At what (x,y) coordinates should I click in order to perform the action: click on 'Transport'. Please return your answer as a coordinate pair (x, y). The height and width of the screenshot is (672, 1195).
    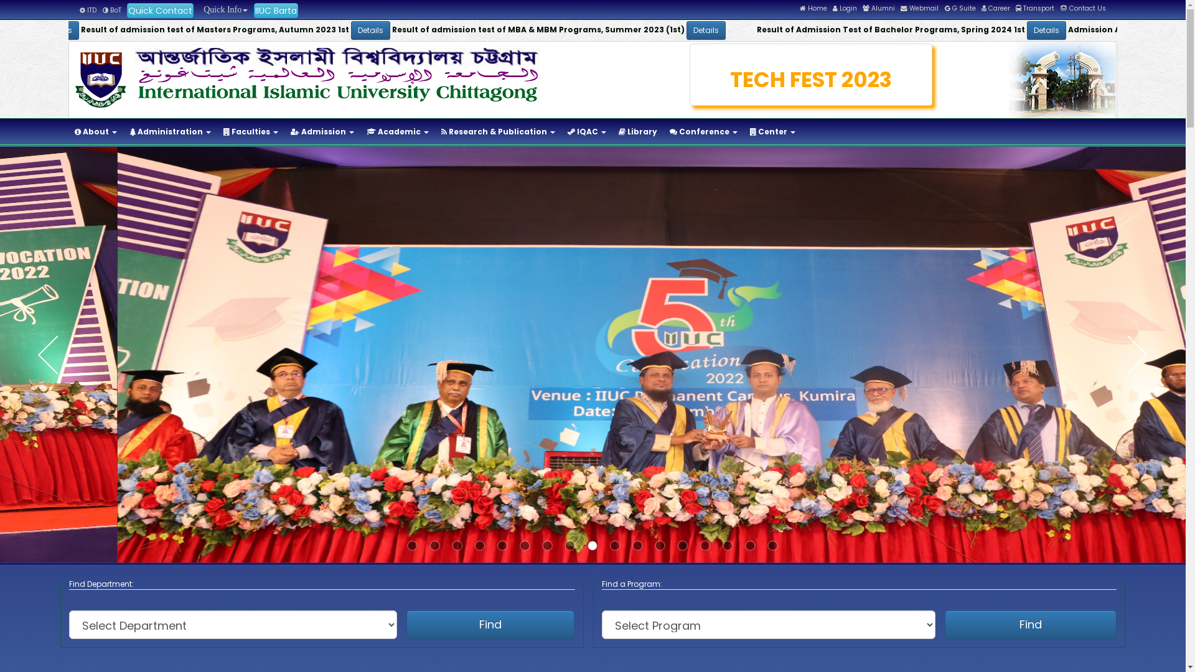
    Looking at the image, I should click on (1034, 8).